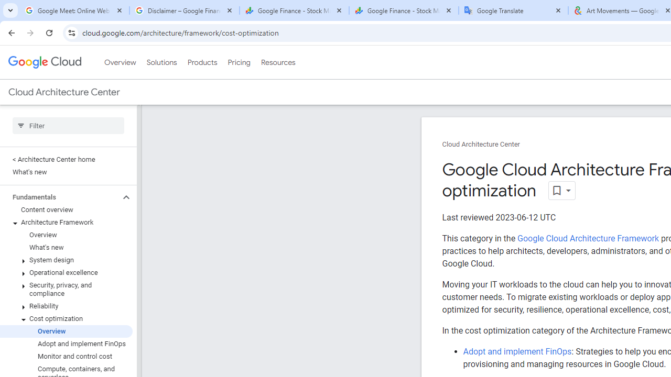 The width and height of the screenshot is (671, 377). Describe the element at coordinates (59, 197) in the screenshot. I see `'Fundamentals'` at that location.